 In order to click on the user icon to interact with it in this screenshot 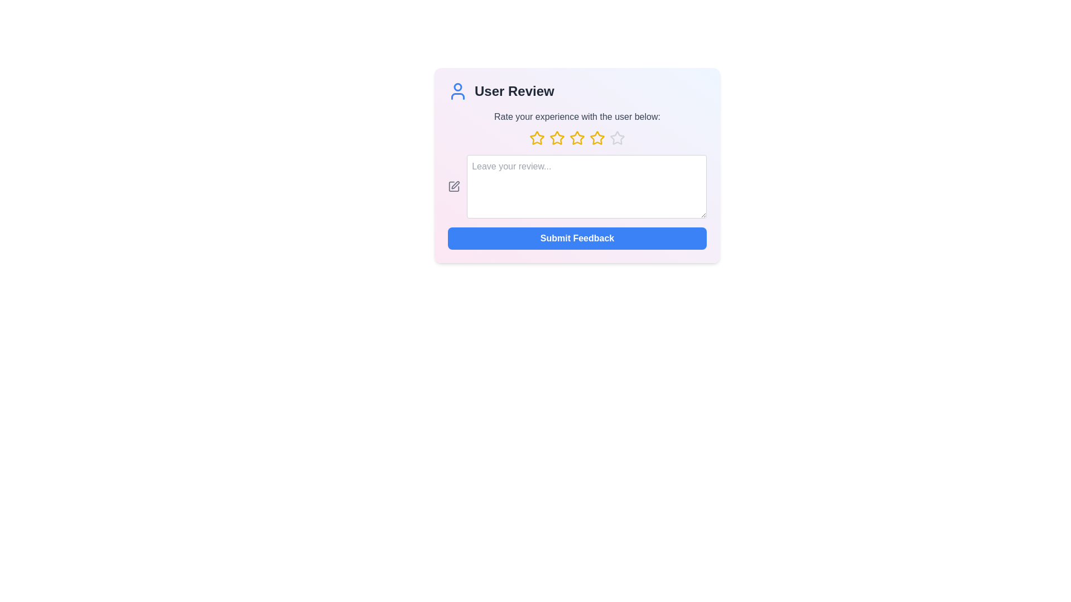, I will do `click(457, 91)`.